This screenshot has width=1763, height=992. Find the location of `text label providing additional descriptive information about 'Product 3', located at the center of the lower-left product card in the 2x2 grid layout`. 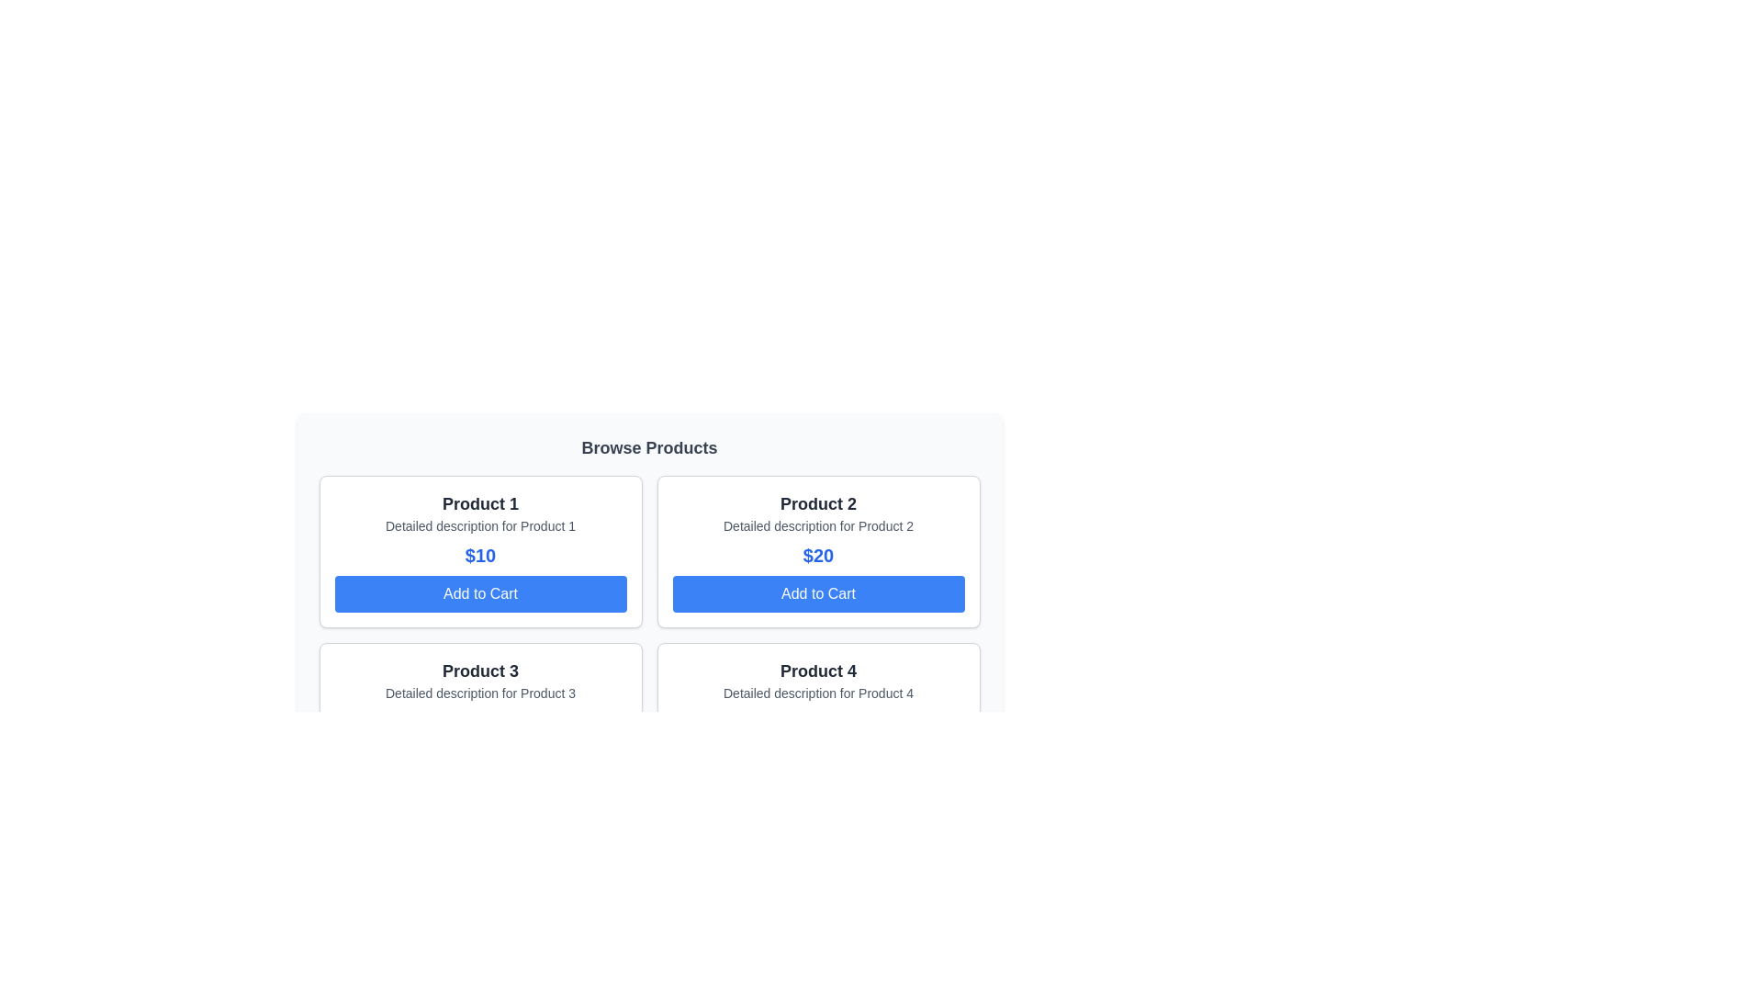

text label providing additional descriptive information about 'Product 3', located at the center of the lower-left product card in the 2x2 grid layout is located at coordinates (480, 693).